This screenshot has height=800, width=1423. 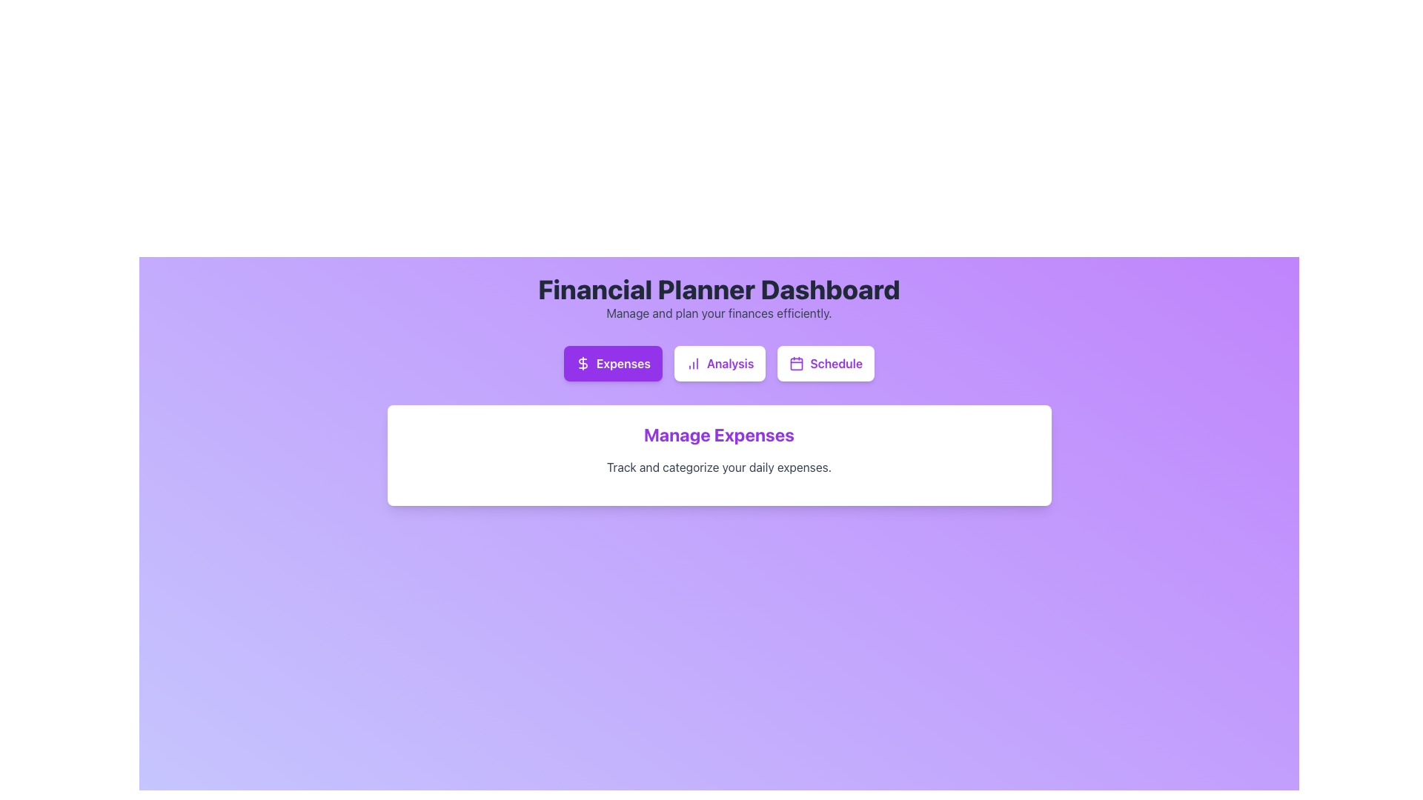 What do you see at coordinates (730, 363) in the screenshot?
I see `the text label within the second interactive button from the left, which activates features related to data analysis` at bounding box center [730, 363].